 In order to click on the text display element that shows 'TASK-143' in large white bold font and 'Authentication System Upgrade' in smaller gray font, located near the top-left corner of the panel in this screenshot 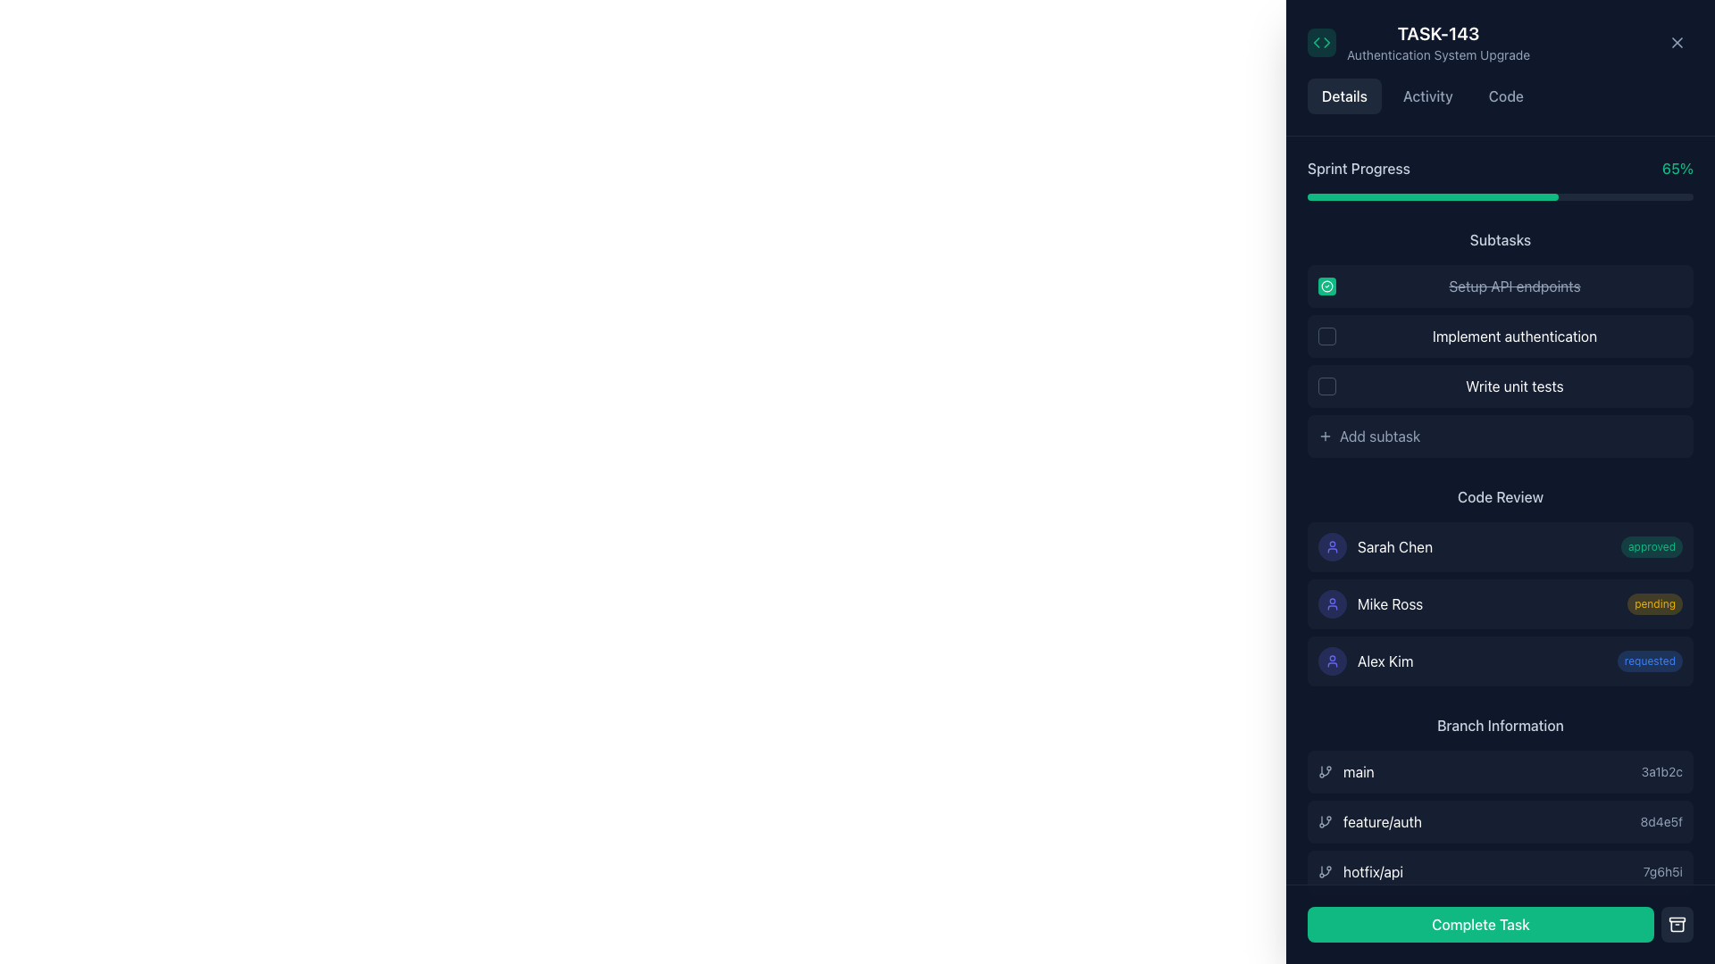, I will do `click(1438, 41)`.